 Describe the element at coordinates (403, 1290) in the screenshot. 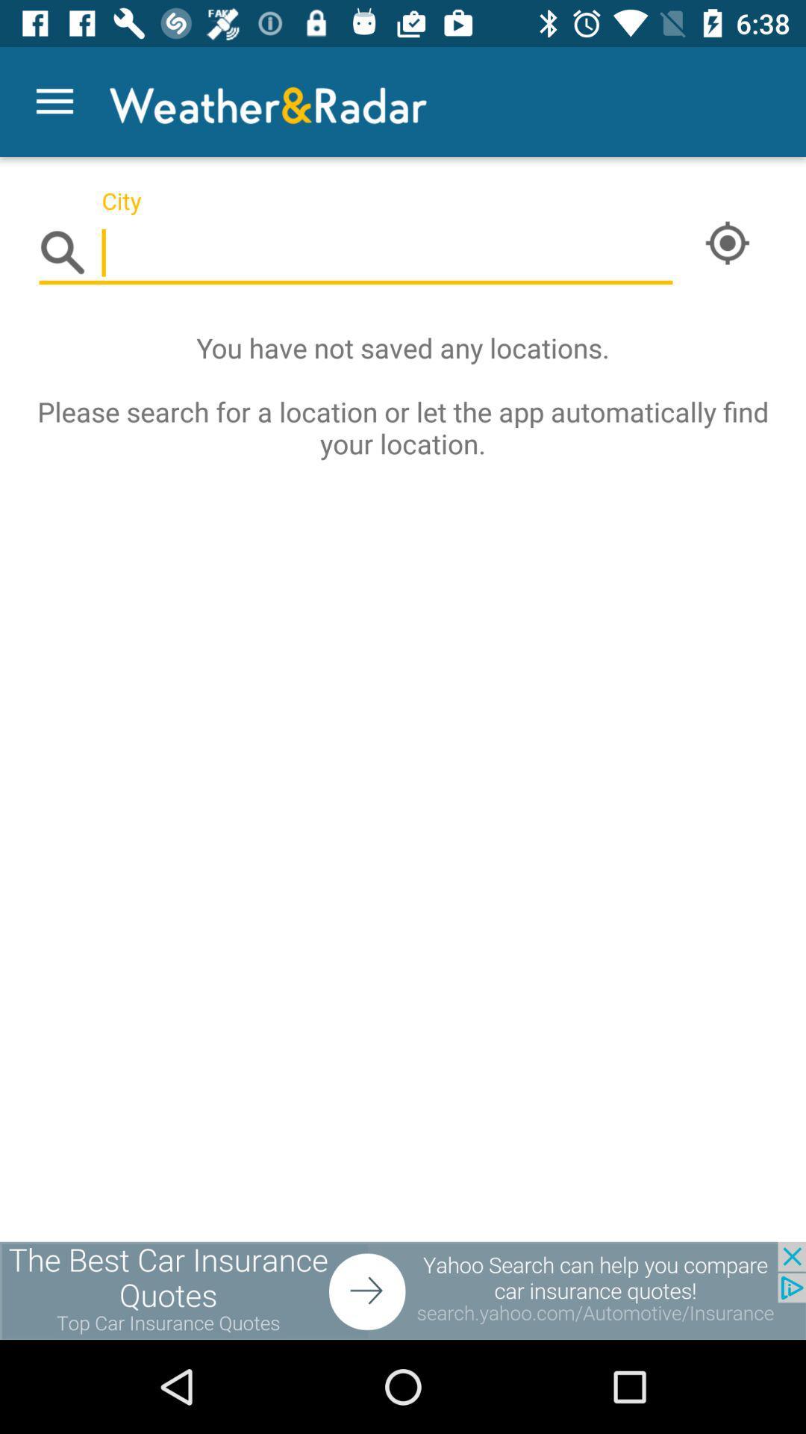

I see `open advertisement` at that location.